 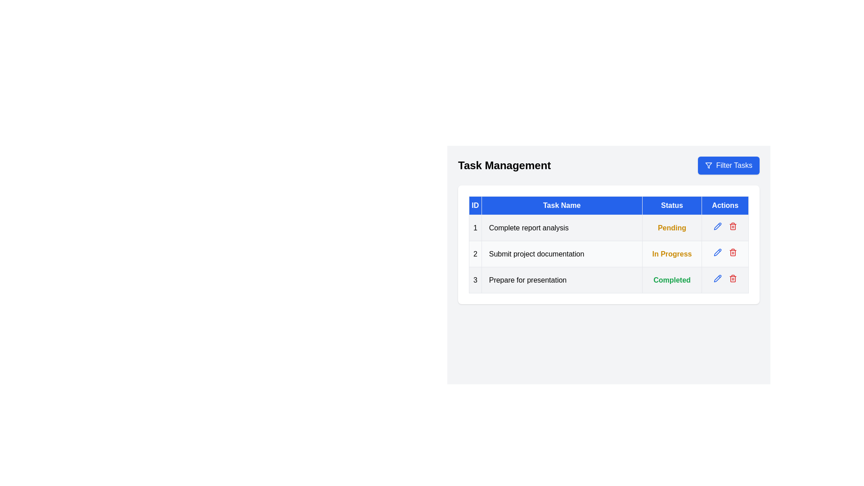 What do you see at coordinates (733, 278) in the screenshot?
I see `trash can icon next to the task with ID 3` at bounding box center [733, 278].